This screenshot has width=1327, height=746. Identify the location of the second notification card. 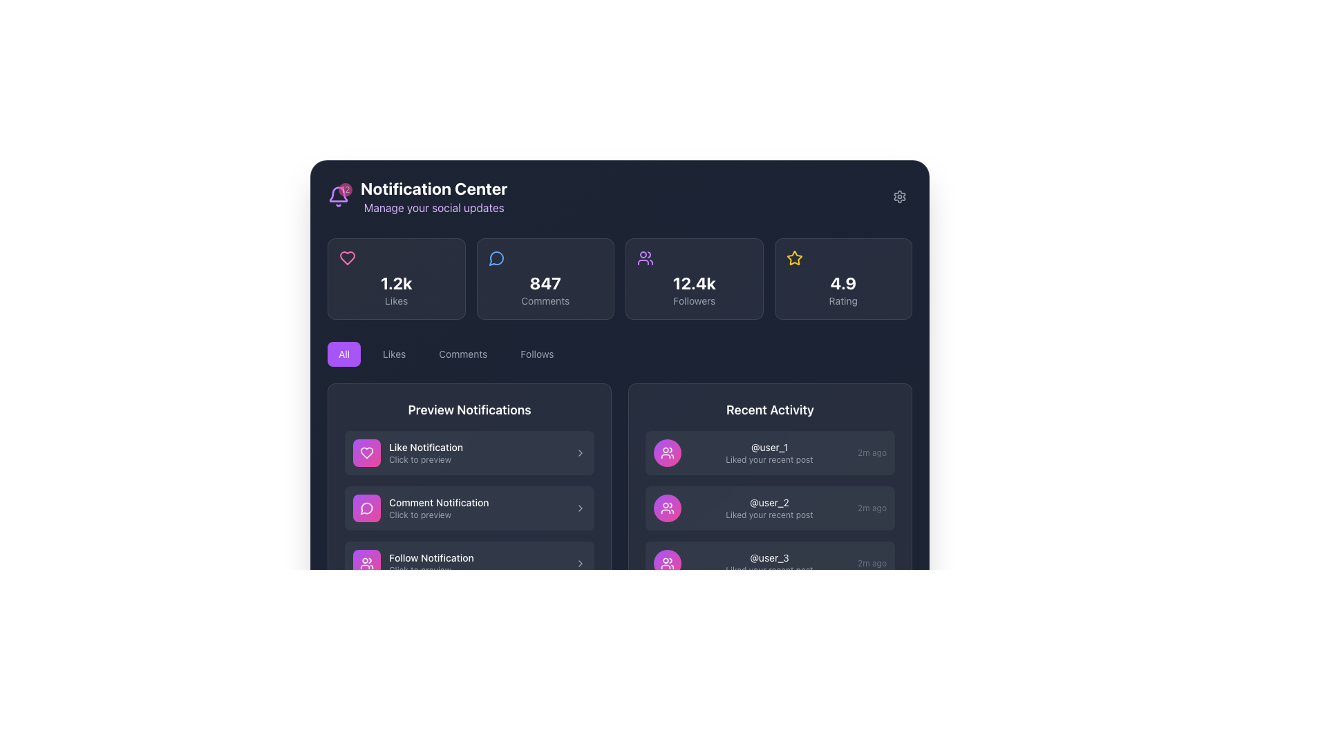
(469, 508).